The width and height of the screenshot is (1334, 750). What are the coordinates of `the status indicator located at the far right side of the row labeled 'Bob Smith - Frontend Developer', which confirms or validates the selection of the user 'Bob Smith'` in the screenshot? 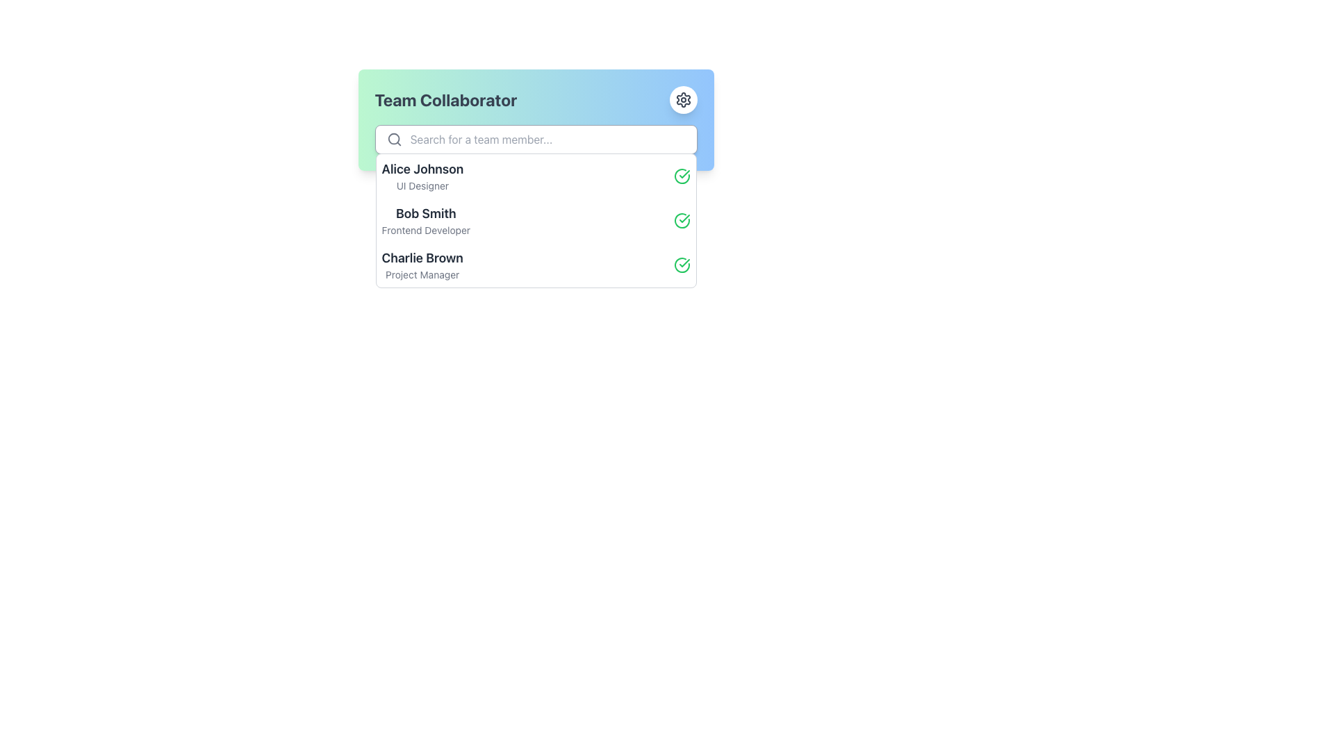 It's located at (682, 219).